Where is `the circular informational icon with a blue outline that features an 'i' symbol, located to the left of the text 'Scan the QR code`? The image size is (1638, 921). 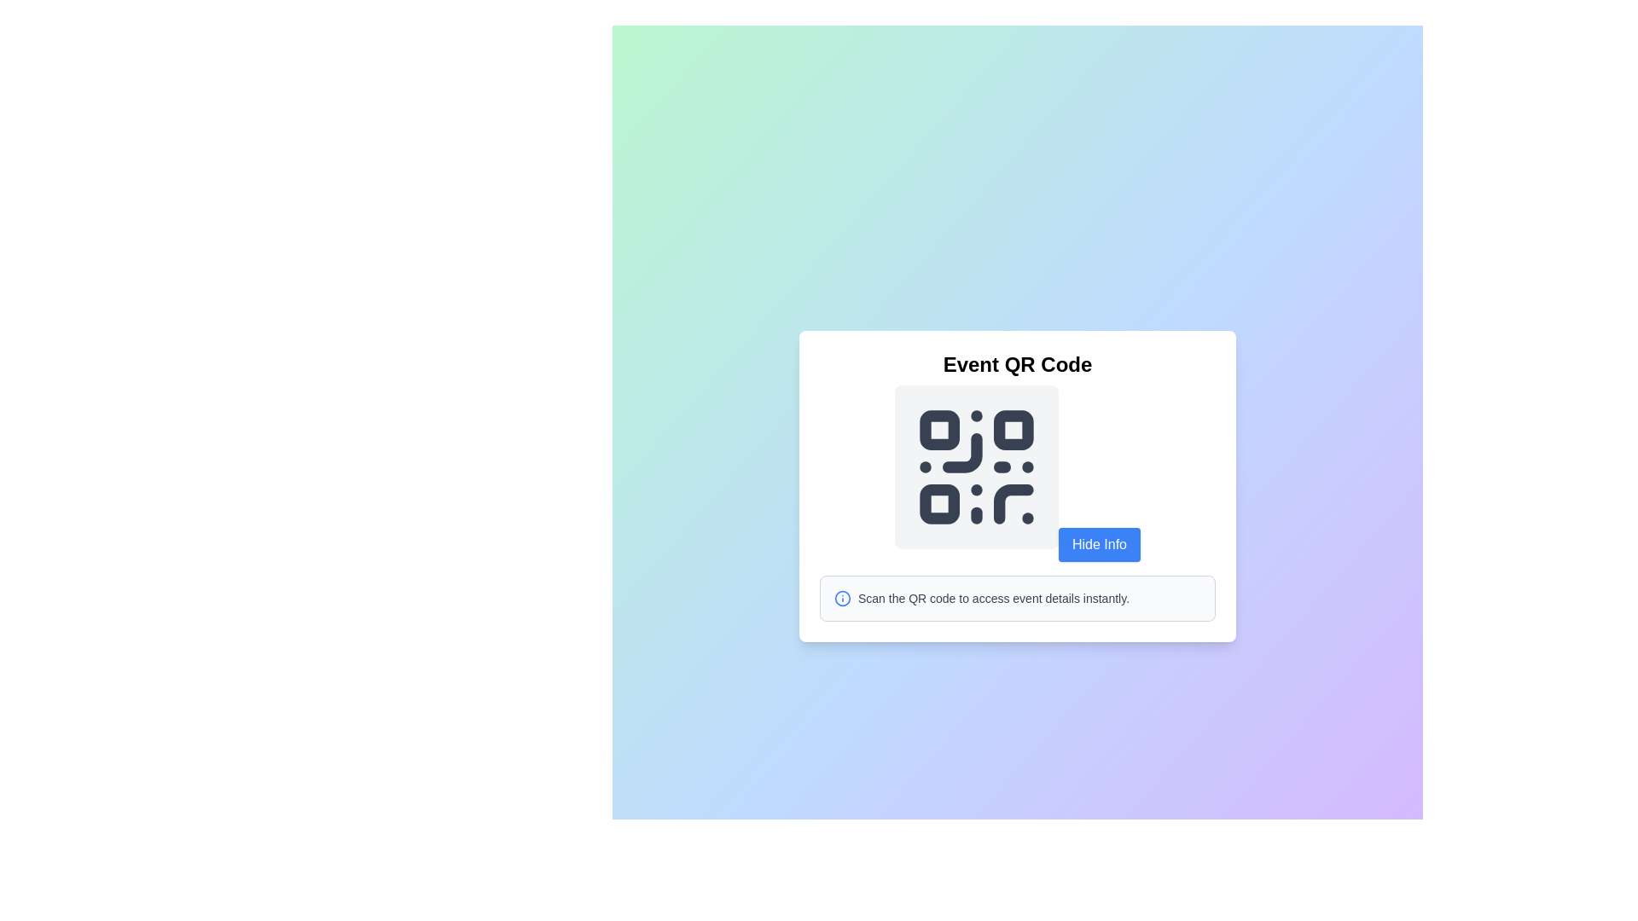
the circular informational icon with a blue outline that features an 'i' symbol, located to the left of the text 'Scan the QR code is located at coordinates (843, 597).